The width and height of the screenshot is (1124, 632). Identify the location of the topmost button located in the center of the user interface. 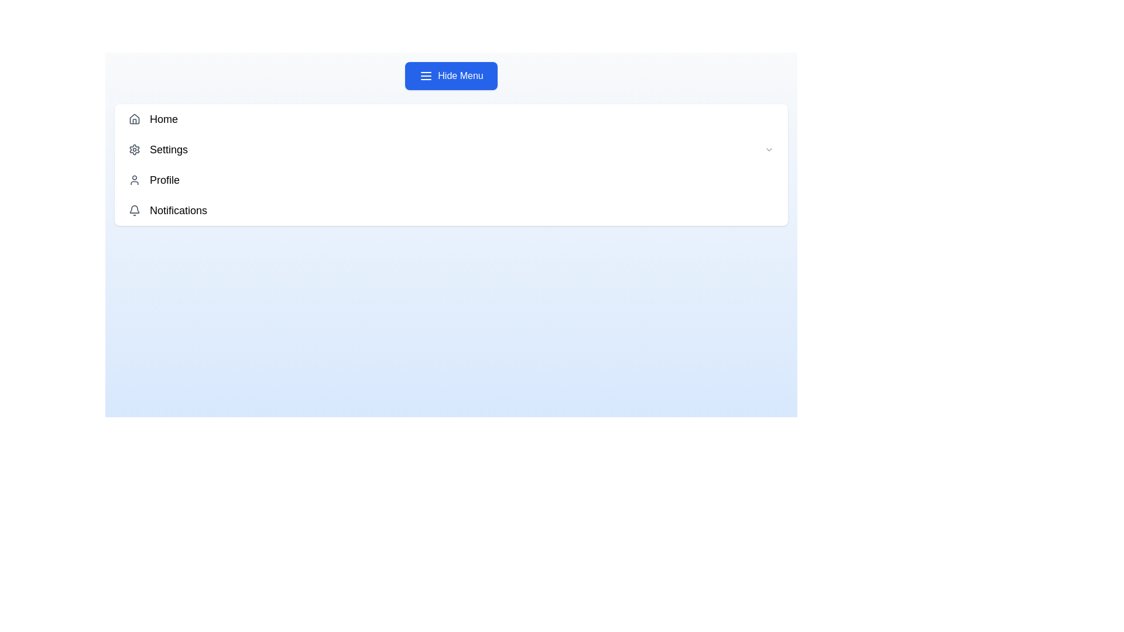
(451, 76).